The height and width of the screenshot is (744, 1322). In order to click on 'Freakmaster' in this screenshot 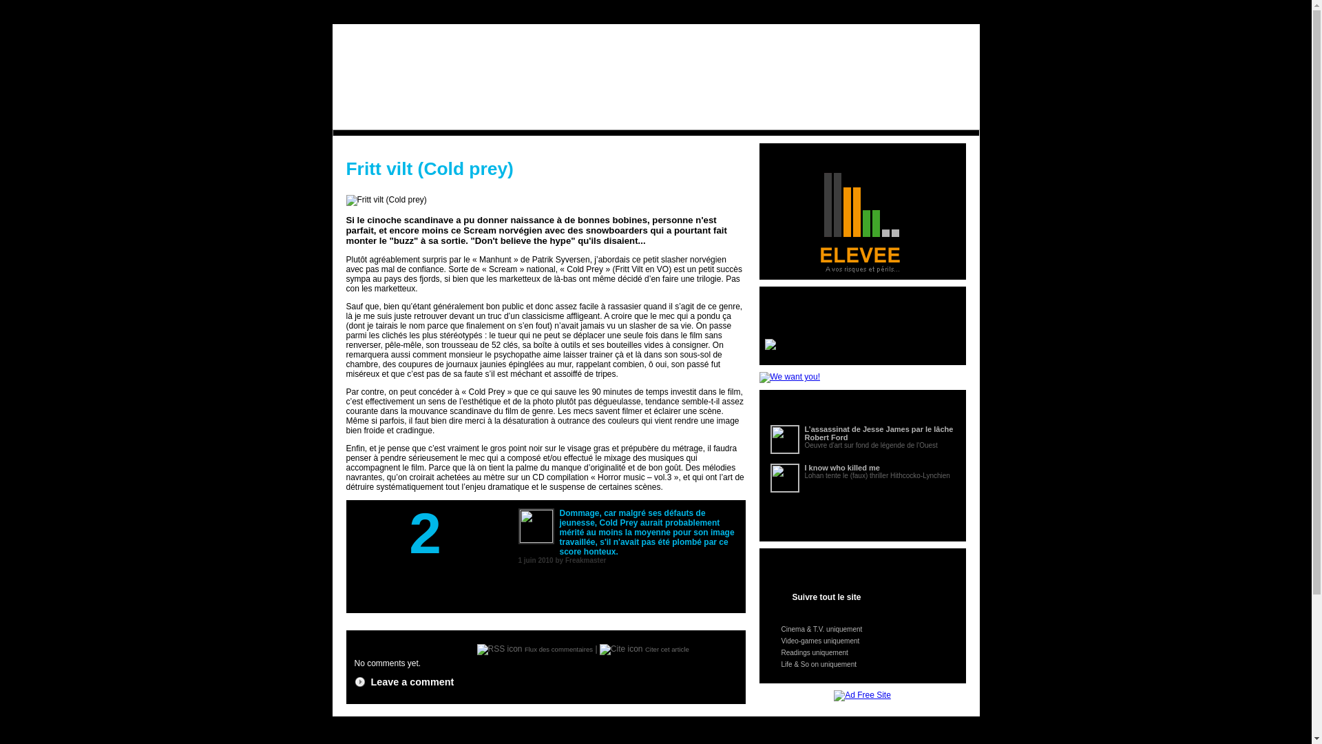, I will do `click(585, 560)`.